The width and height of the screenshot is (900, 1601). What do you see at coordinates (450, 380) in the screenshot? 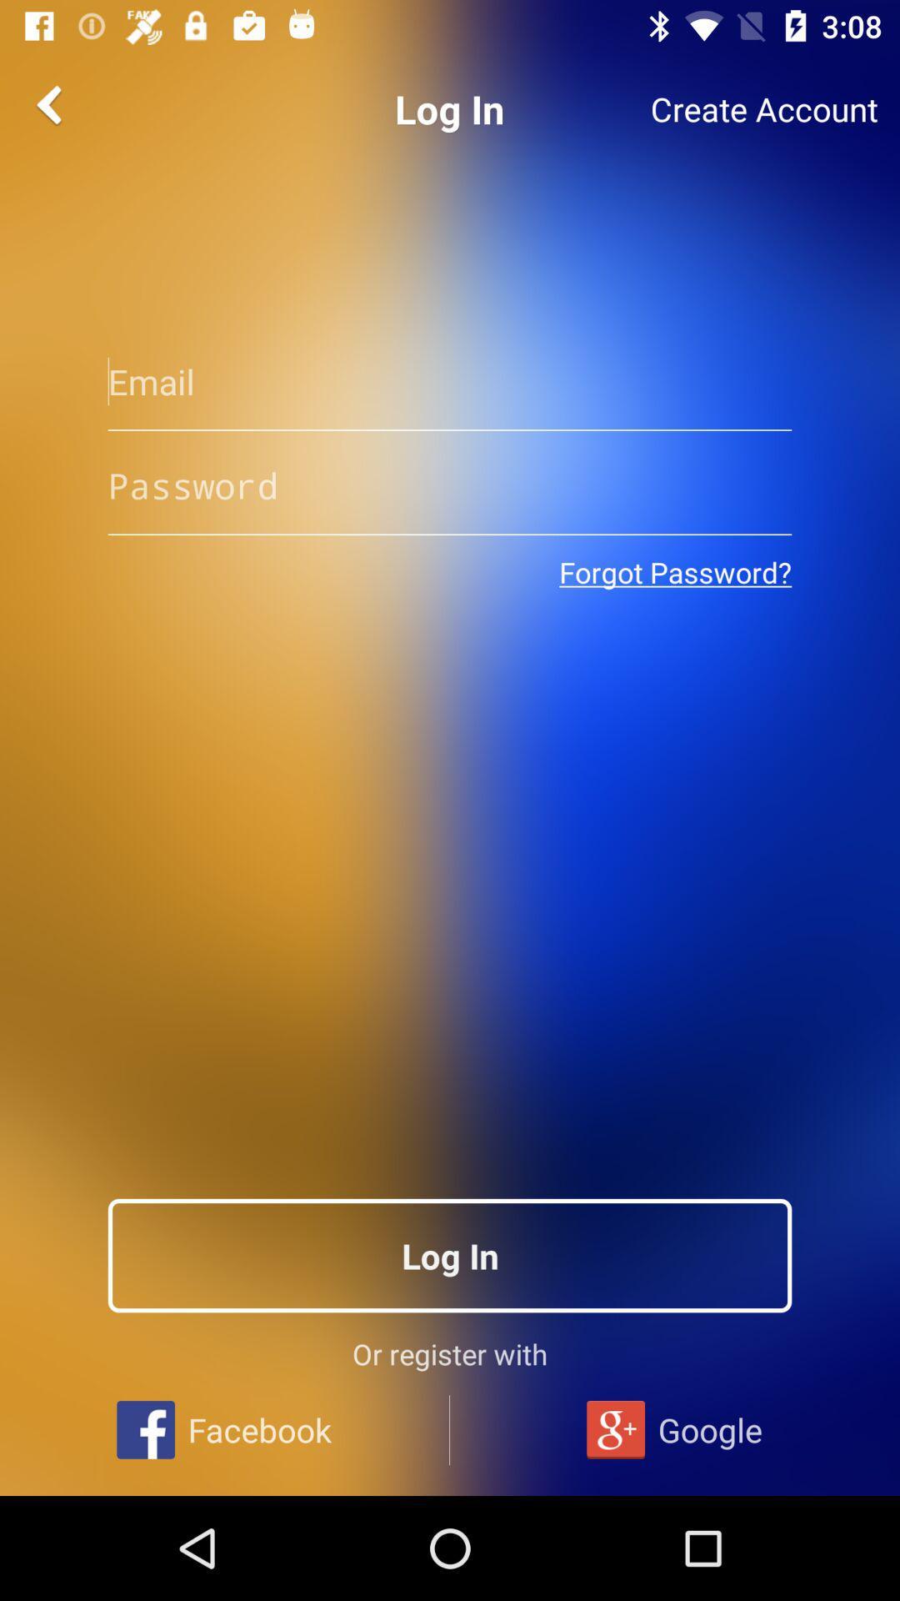
I see `type your email address here` at bounding box center [450, 380].